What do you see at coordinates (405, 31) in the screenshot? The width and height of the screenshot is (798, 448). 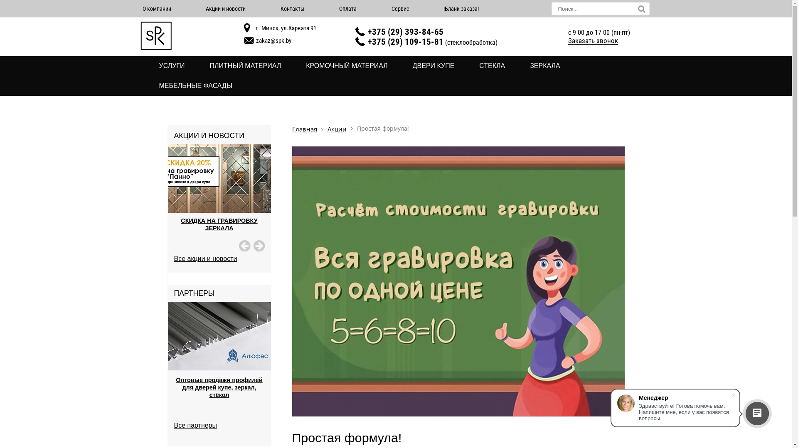 I see `'+375 (29) 393-84-65'` at bounding box center [405, 31].